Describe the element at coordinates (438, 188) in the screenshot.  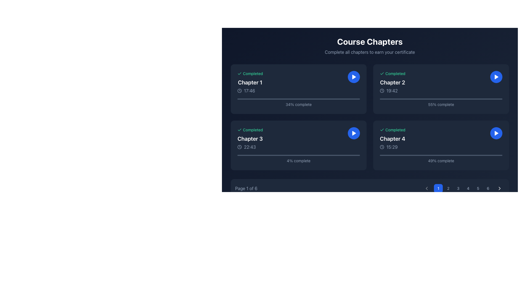
I see `the small square button with rounded corners, blue background, and white text displaying '1'` at that location.